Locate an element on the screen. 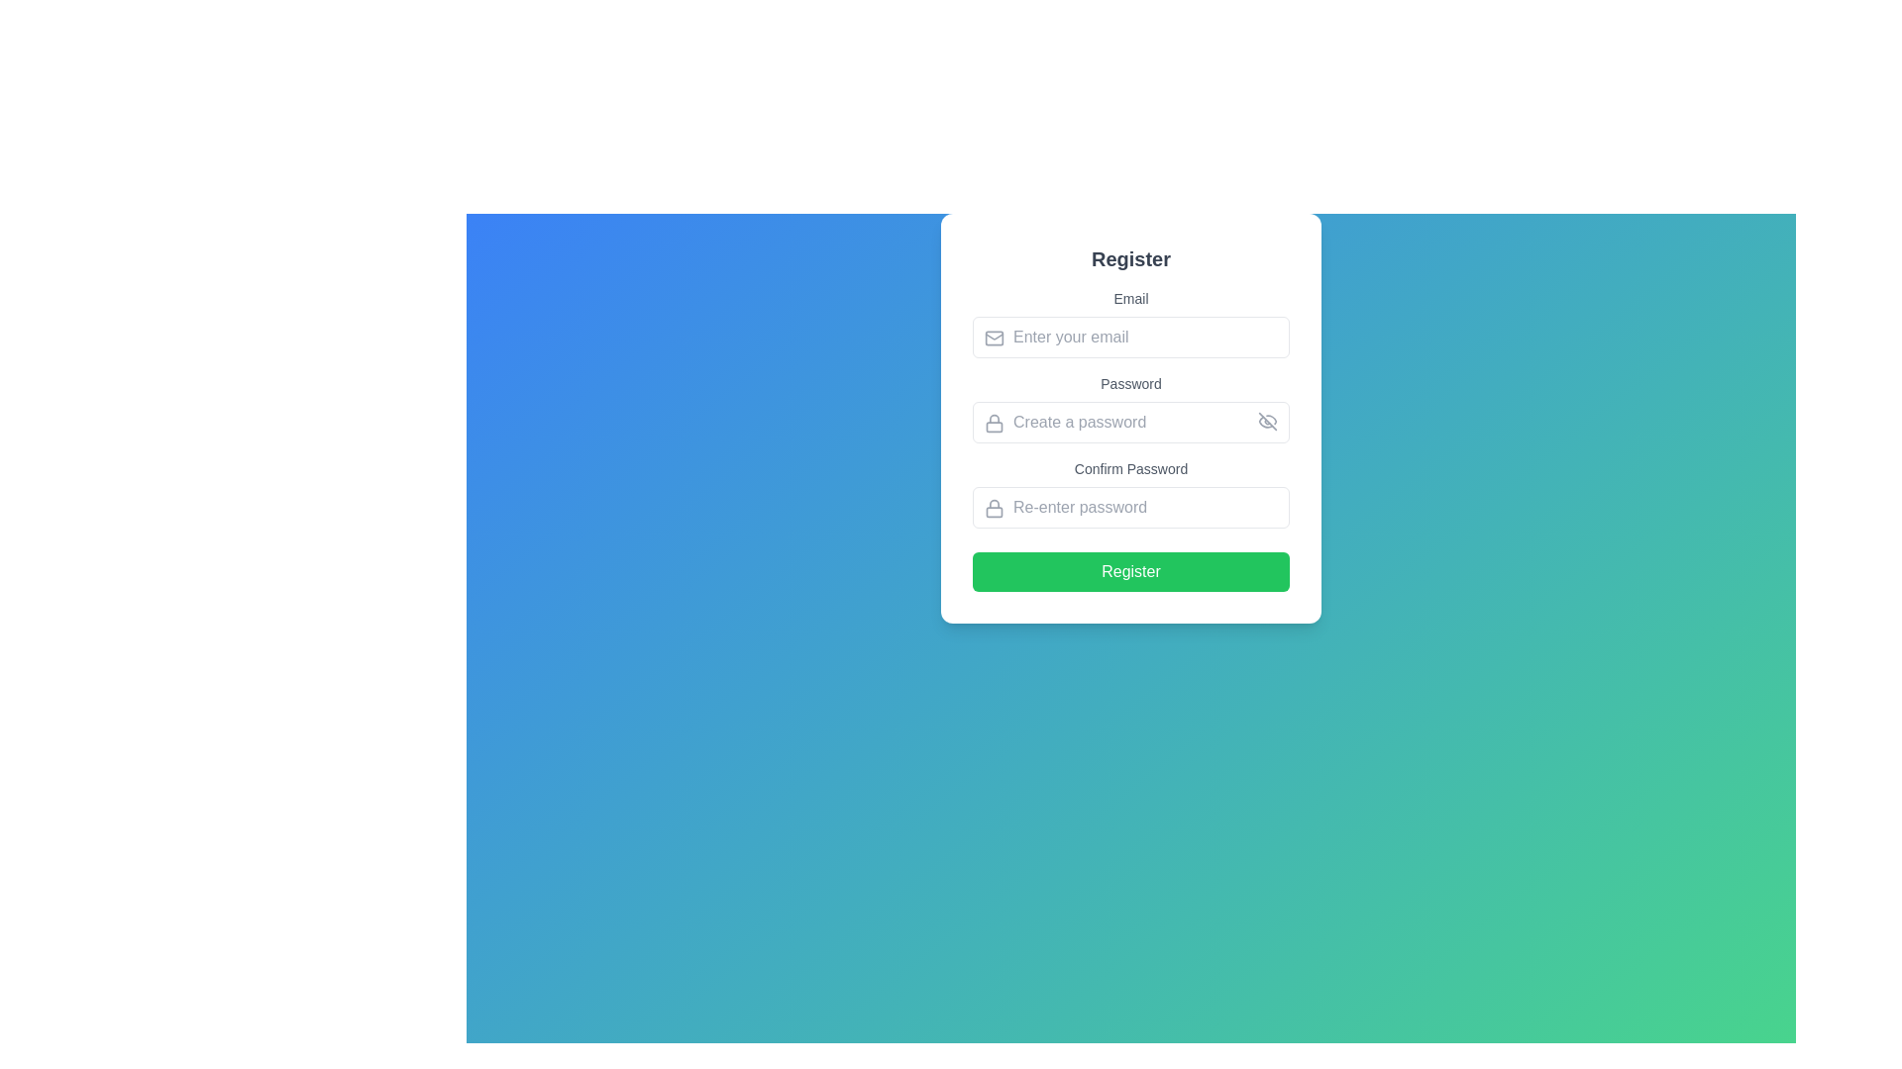 This screenshot has width=1902, height=1069. the 'Re-enter password' input field to focus on it is located at coordinates (1131, 507).